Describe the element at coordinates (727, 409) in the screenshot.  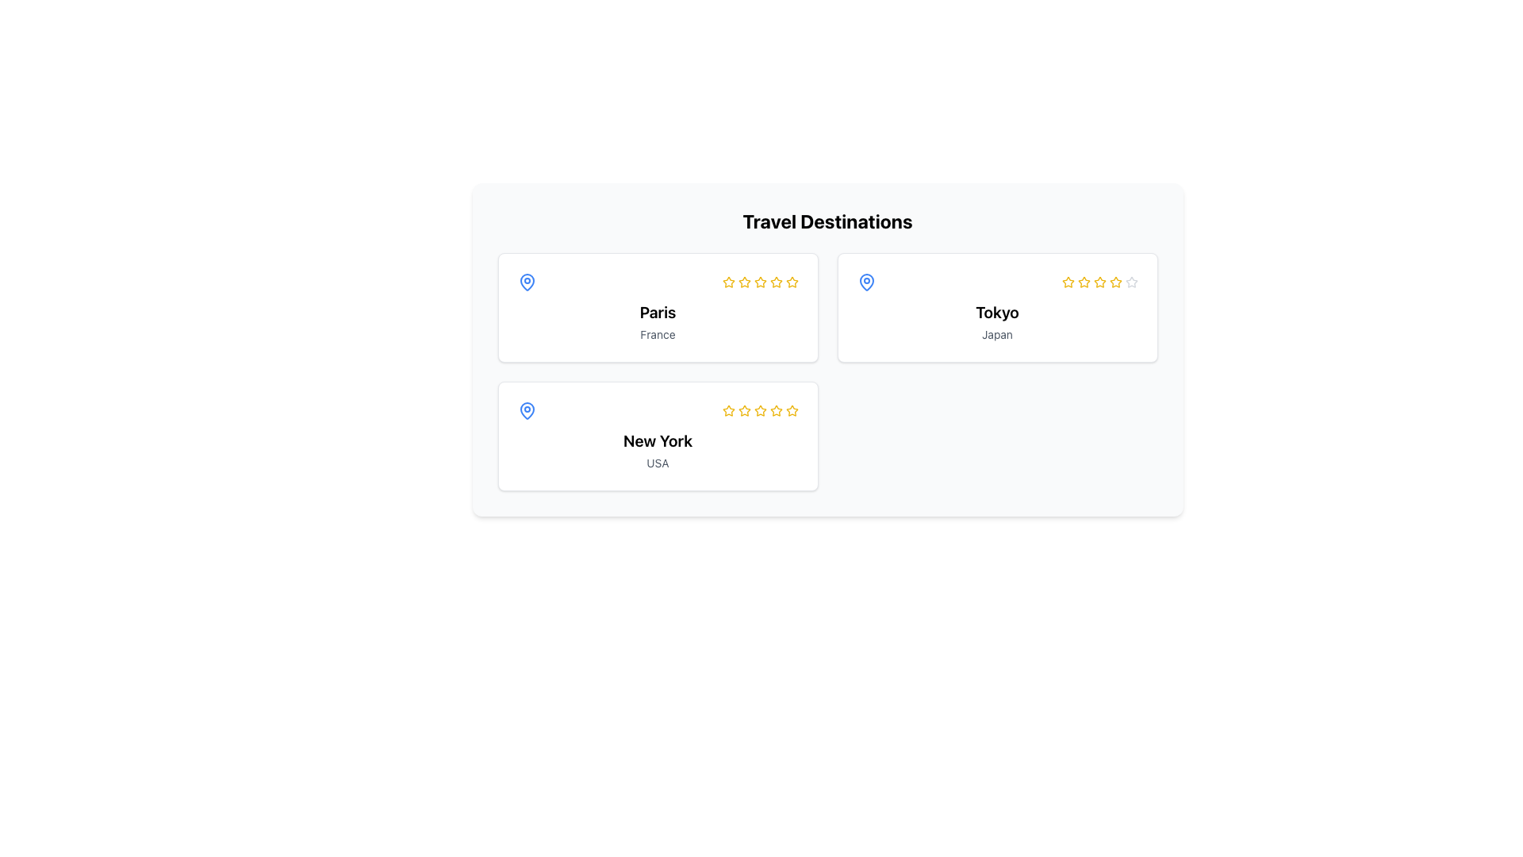
I see `the second star in the rating row within the 'New York' card to rate it` at that location.